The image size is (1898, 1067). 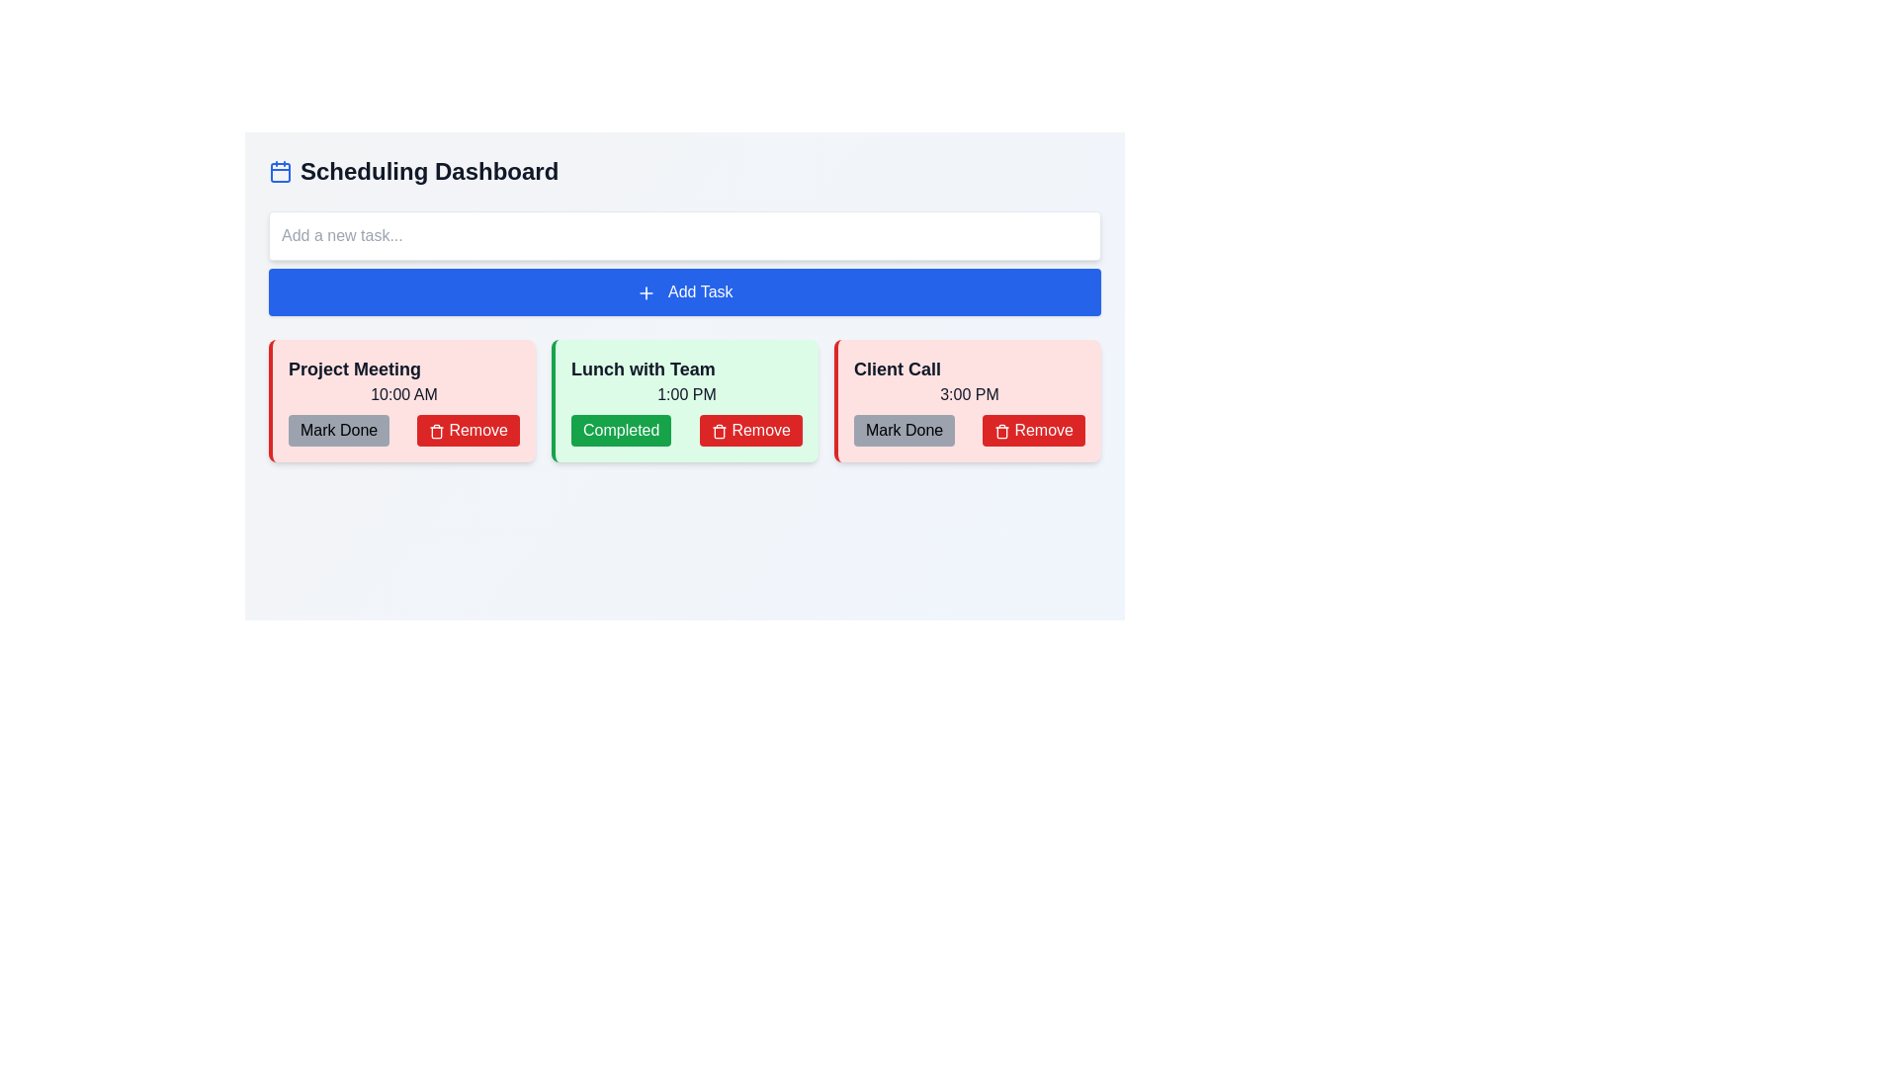 I want to click on the deletion icon located inside the 'Remove' button of the 'Project Meeting' task card, positioned at the bottom right corner of the card, so click(x=435, y=430).